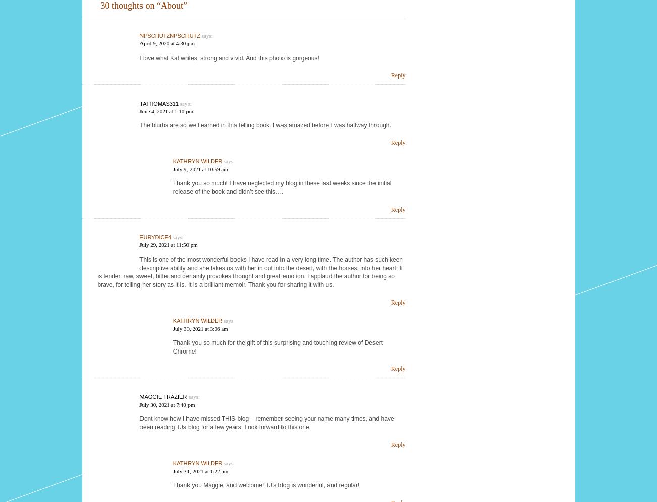 The height and width of the screenshot is (502, 657). Describe the element at coordinates (168, 244) in the screenshot. I see `'July 29, 2021 at 11:50 pm'` at that location.